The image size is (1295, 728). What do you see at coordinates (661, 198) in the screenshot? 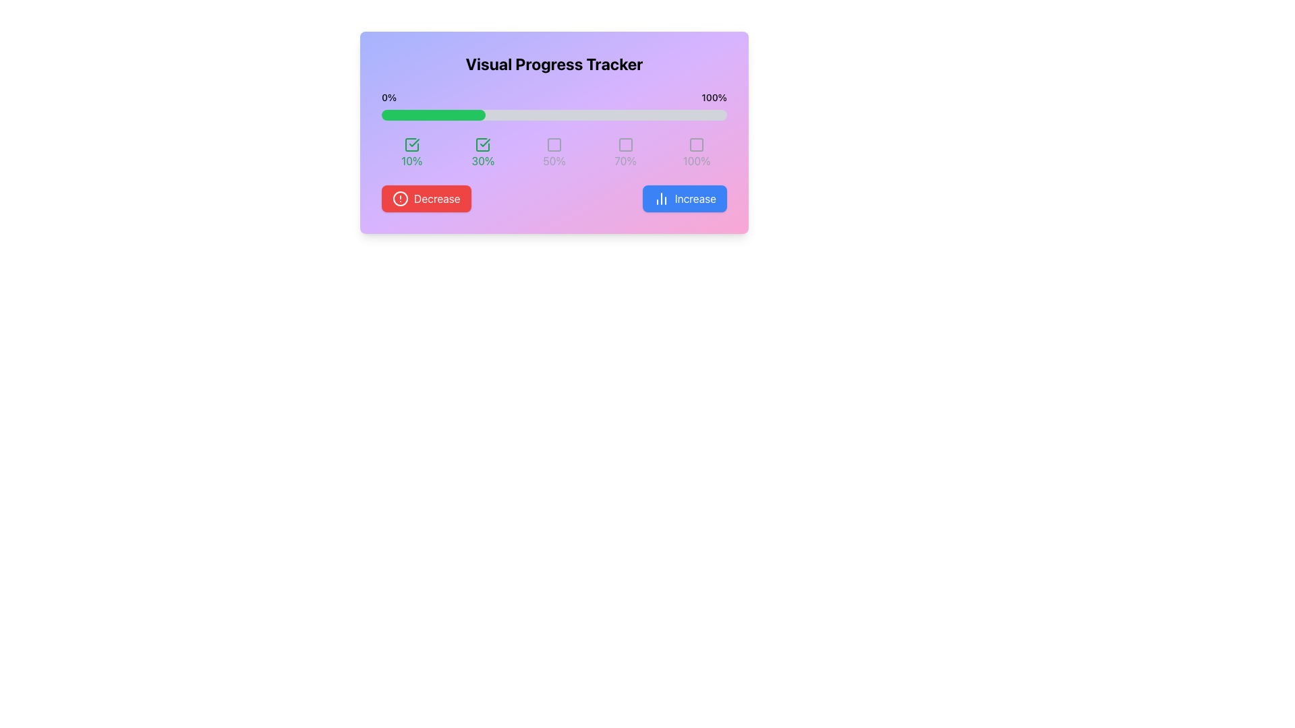
I see `the 'Increase' button icon located at the bottom-right of the card layout, which serves to increment or advance progress` at bounding box center [661, 198].